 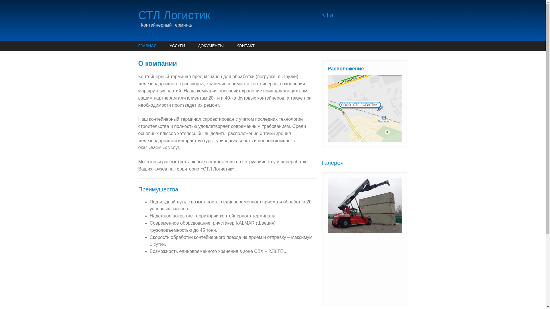 What do you see at coordinates (323, 15) in the screenshot?
I see `'ru'` at bounding box center [323, 15].